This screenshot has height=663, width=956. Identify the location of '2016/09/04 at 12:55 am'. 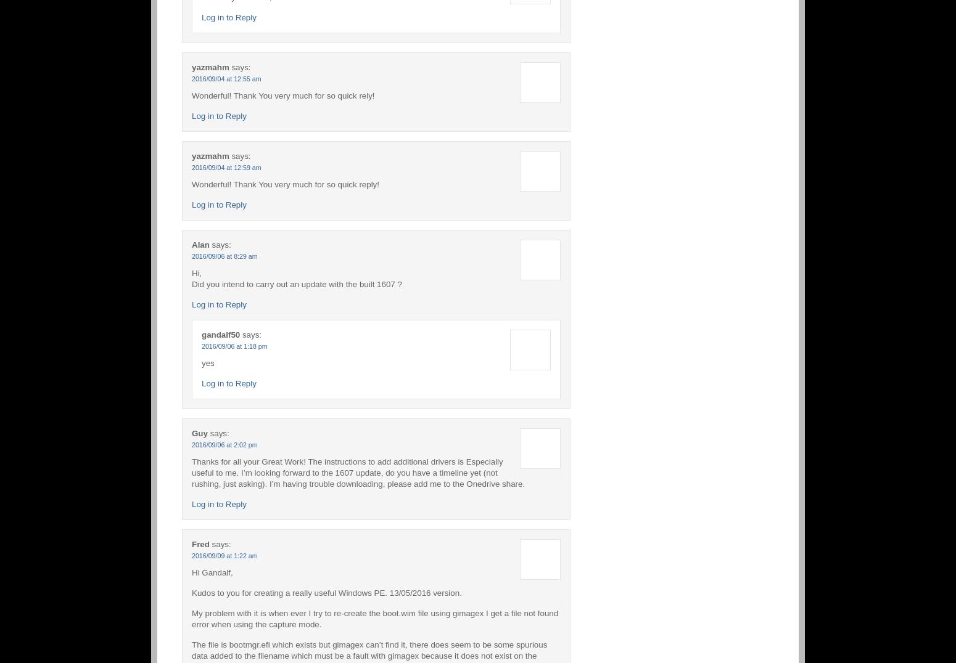
(226, 77).